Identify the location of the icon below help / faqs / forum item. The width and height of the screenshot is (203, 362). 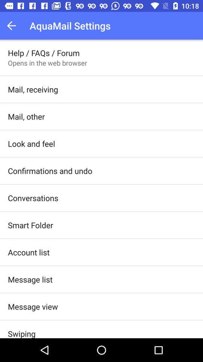
(47, 62).